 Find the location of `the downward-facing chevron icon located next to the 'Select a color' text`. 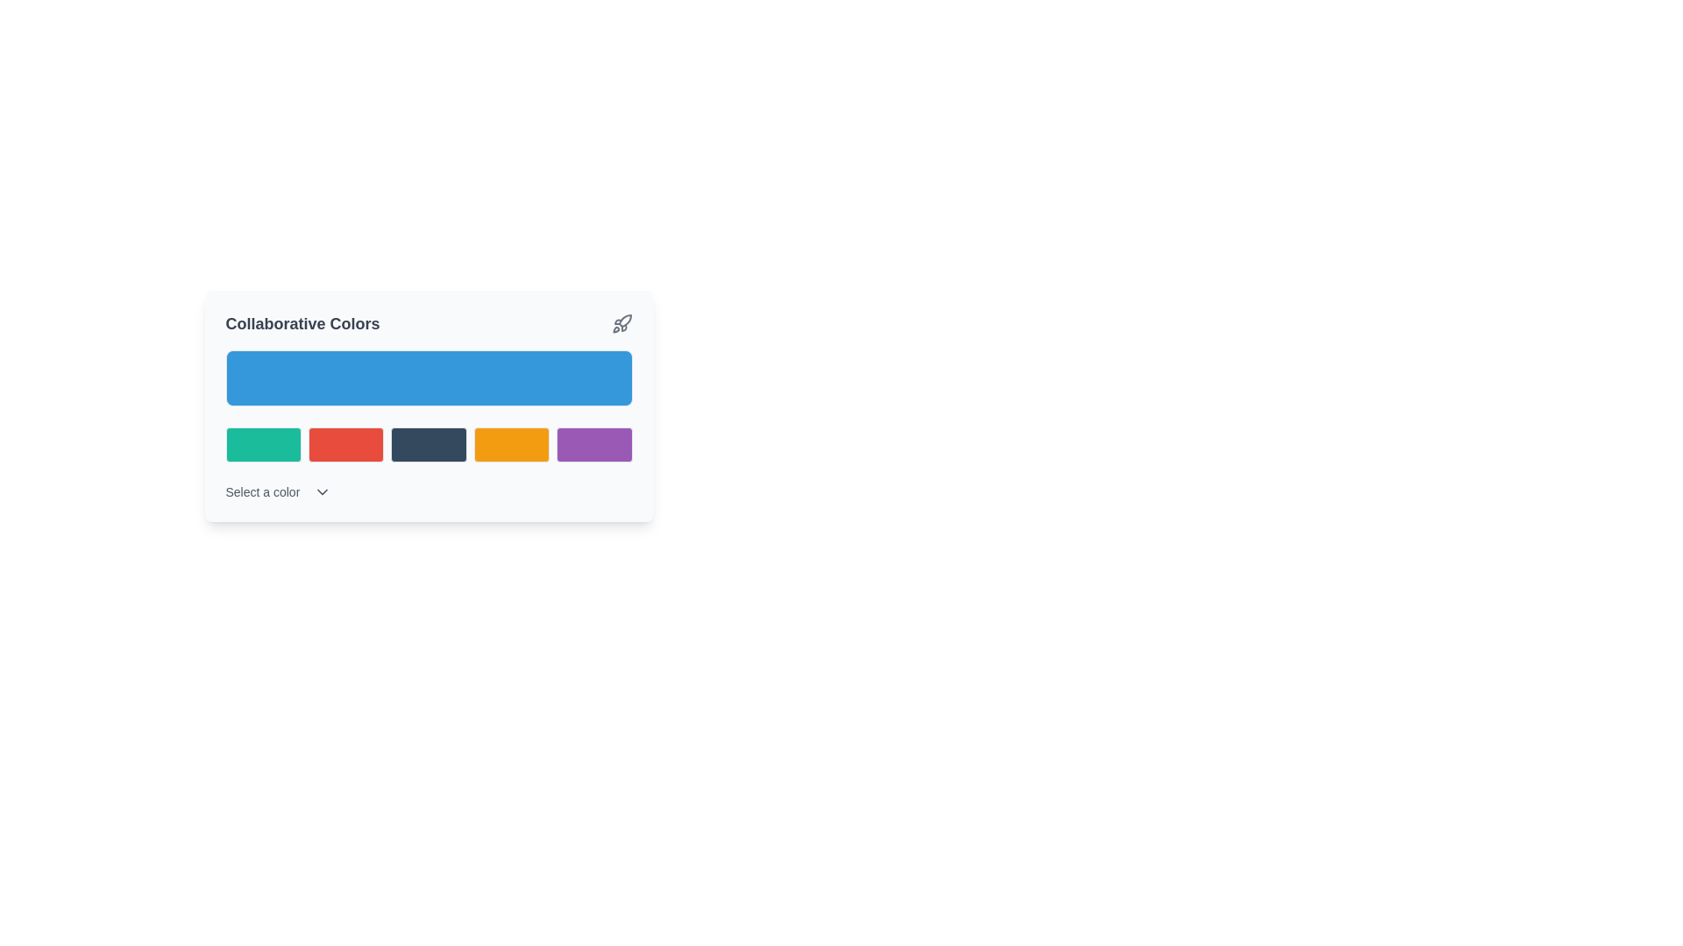

the downward-facing chevron icon located next to the 'Select a color' text is located at coordinates (323, 492).